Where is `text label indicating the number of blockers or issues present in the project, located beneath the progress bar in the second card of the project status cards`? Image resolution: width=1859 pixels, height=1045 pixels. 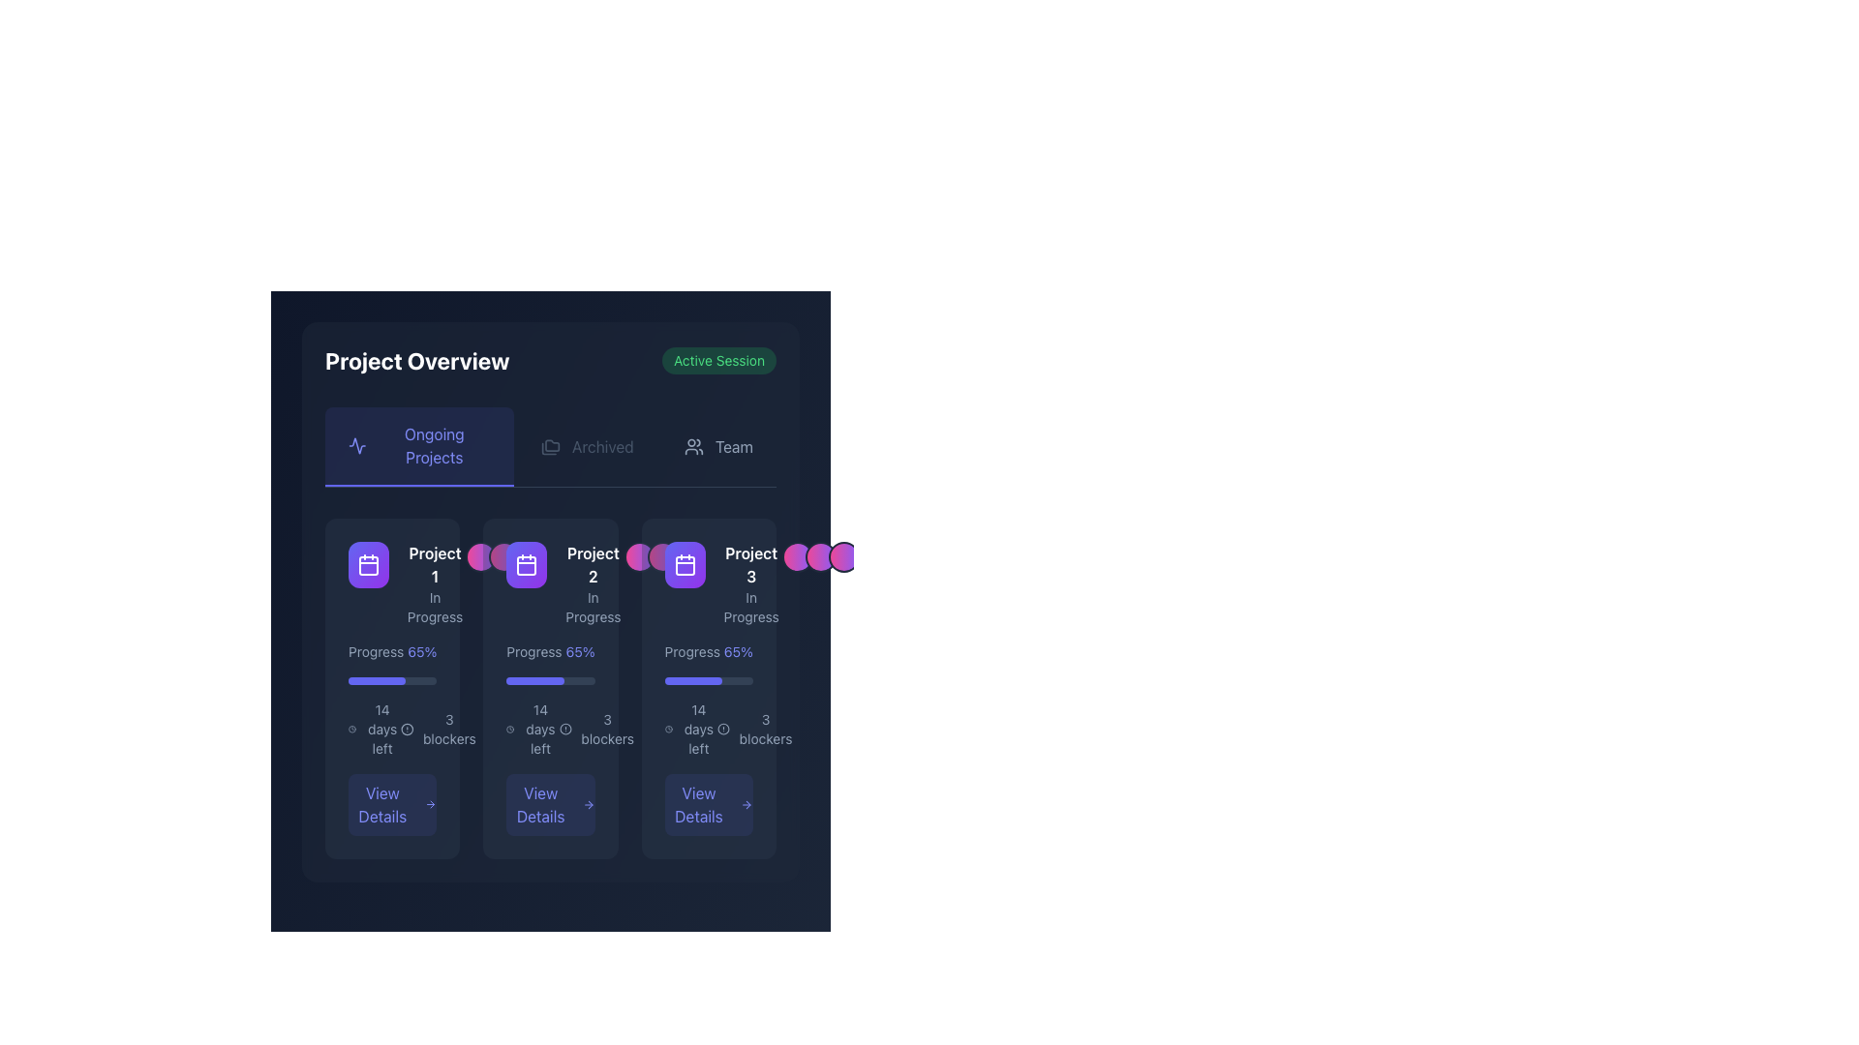
text label indicating the number of blockers or issues present in the project, located beneath the progress bar in the second card of the project status cards is located at coordinates (606, 729).